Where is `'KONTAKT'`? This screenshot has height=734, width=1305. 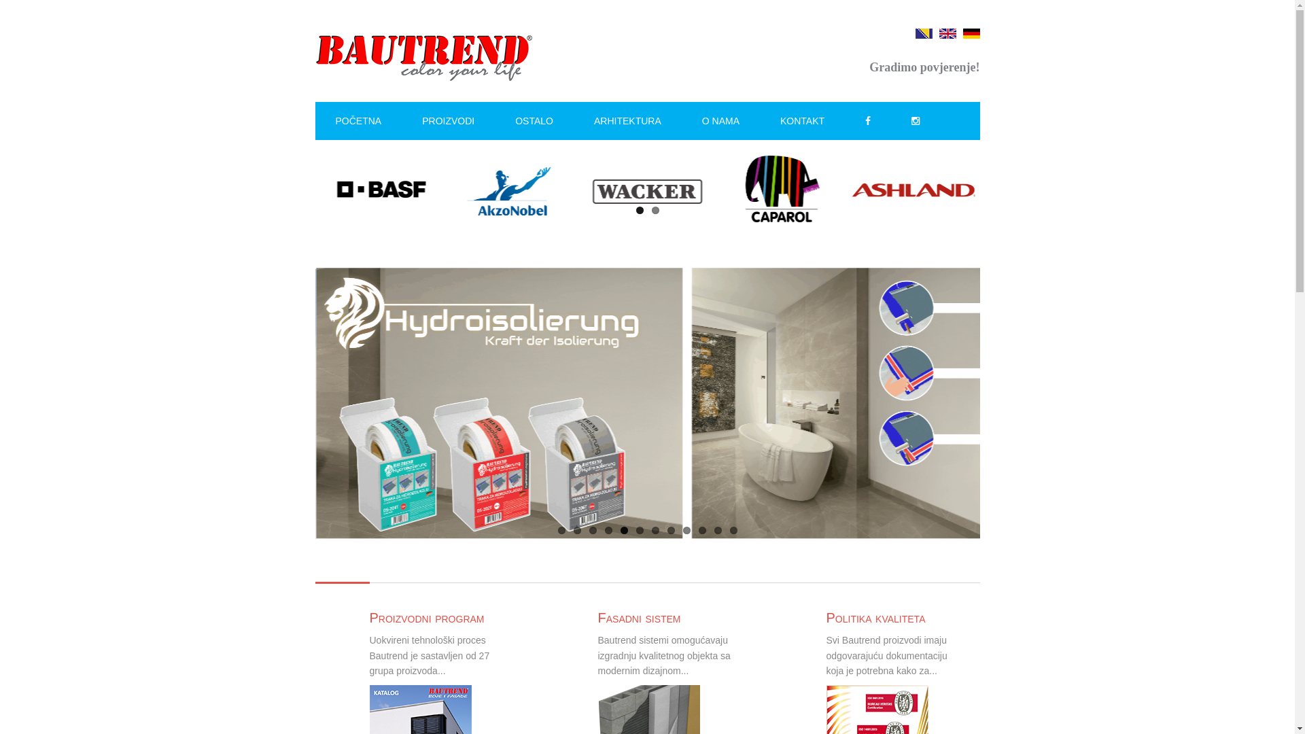 'KONTAKT' is located at coordinates (802, 120).